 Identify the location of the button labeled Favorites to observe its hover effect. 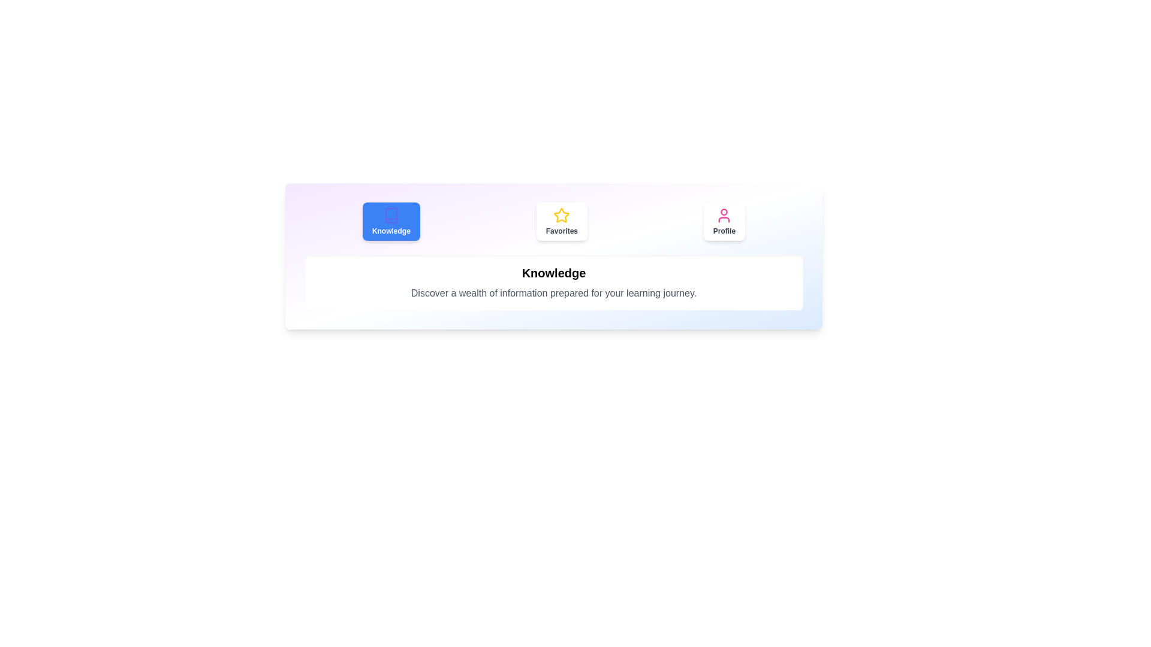
(561, 222).